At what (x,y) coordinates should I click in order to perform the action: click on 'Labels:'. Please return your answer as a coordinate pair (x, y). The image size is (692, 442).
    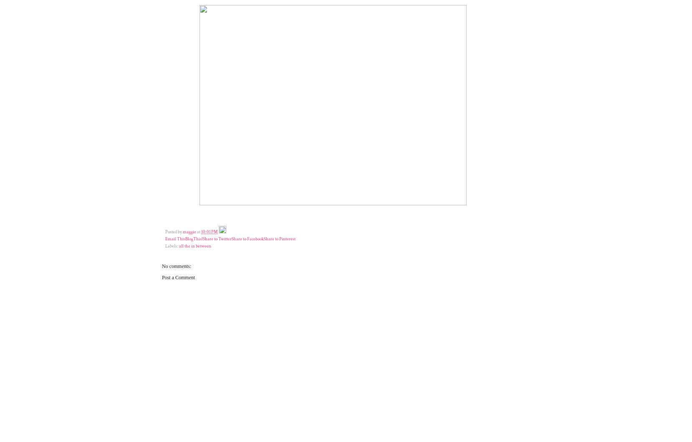
    Looking at the image, I should click on (172, 245).